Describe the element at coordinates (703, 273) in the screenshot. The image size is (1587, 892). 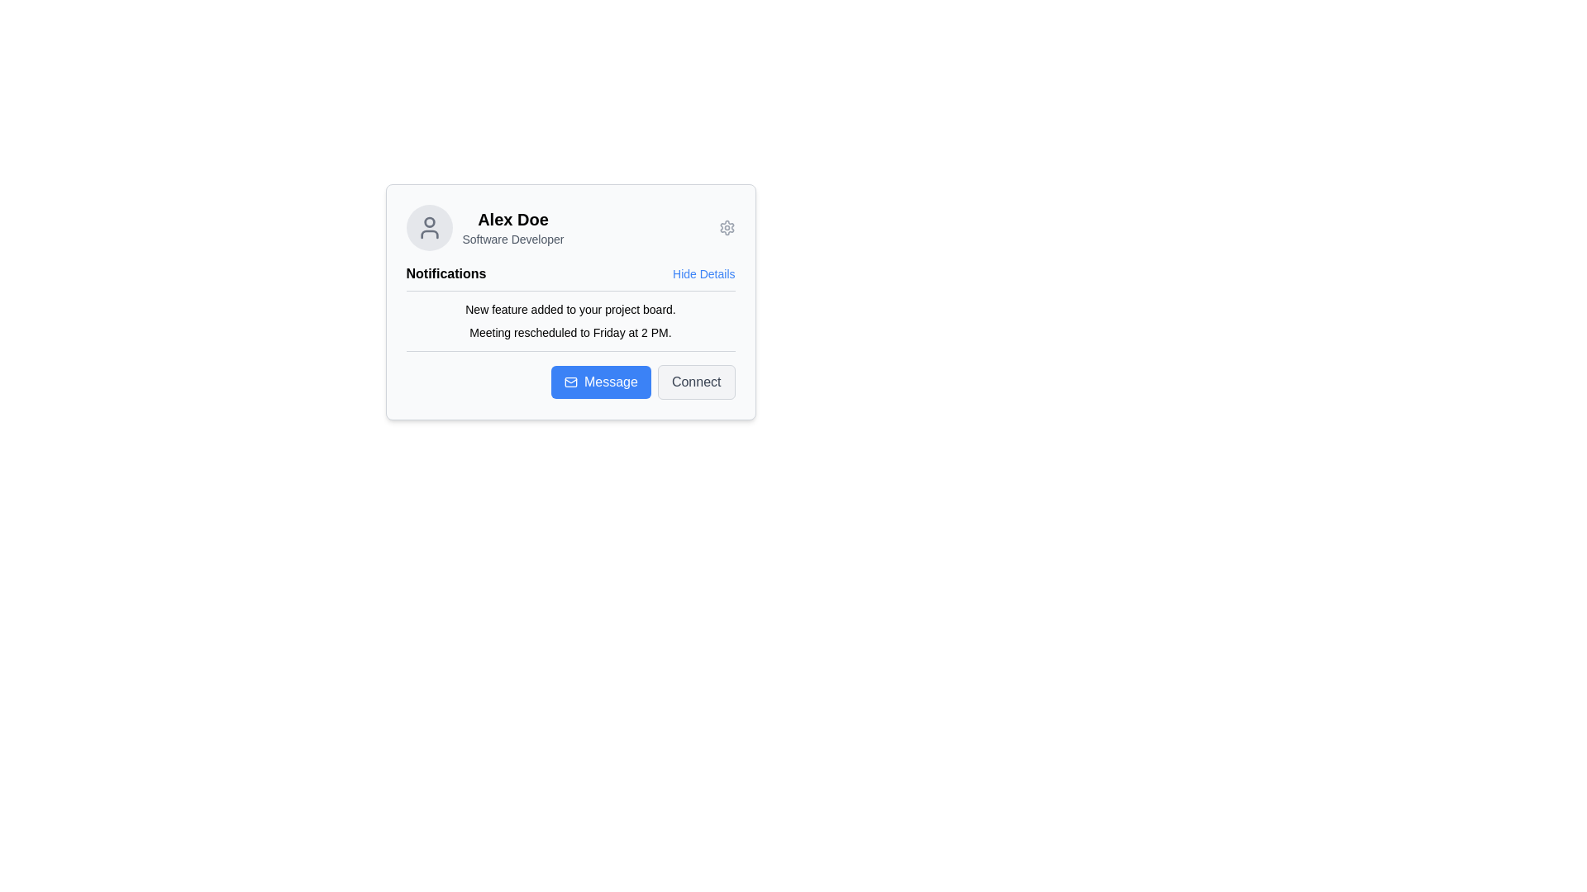
I see `the 'Hide Details' link, which is a blue, underlined text label positioned in the top-right corner of the 'Notifications' area` at that location.